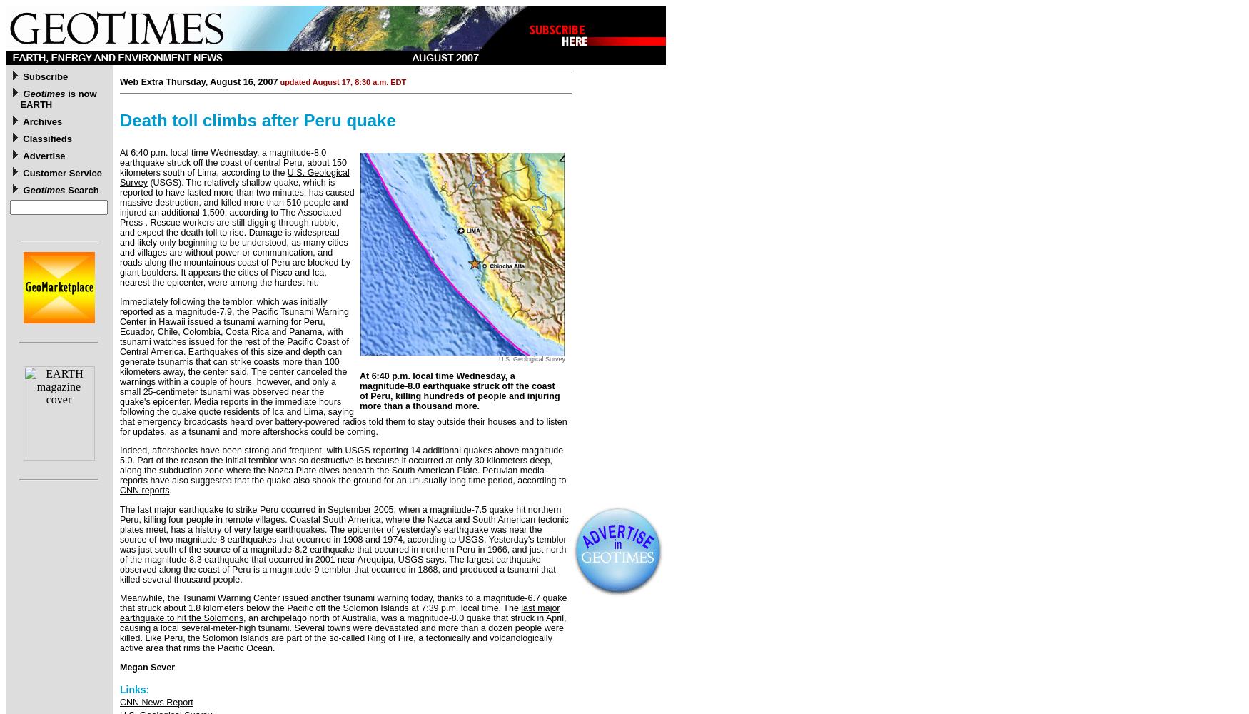  Describe the element at coordinates (223, 306) in the screenshot. I see `'Immediately following the temblor, which was initially reported as a magnitude-7.9, the'` at that location.